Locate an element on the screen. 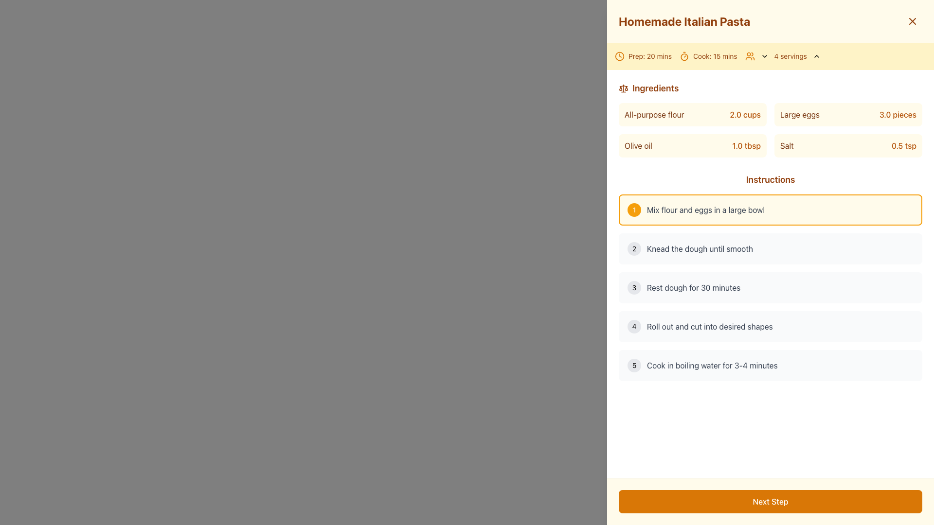 The height and width of the screenshot is (525, 934). the scale icon located to the left of the 'Ingredients' text, which features a dark amber stroke-based outline and symmetrical components is located at coordinates (623, 88).